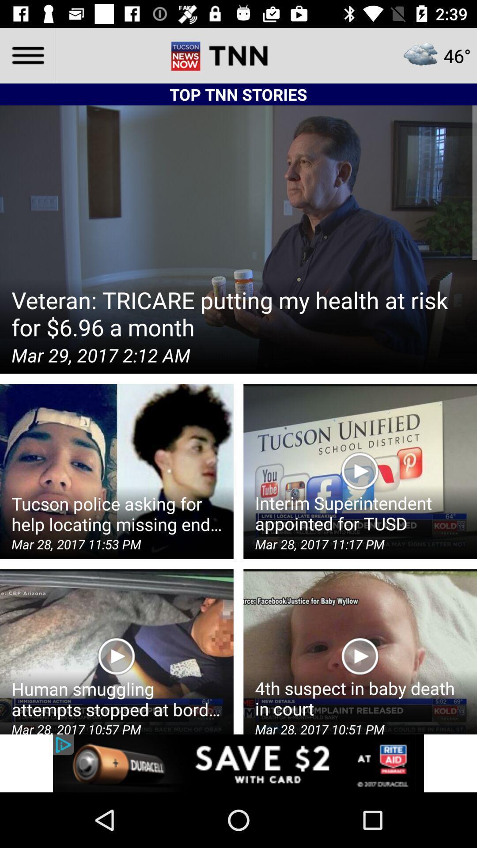 This screenshot has width=477, height=848. Describe the element at coordinates (238, 55) in the screenshot. I see `the date_range icon` at that location.